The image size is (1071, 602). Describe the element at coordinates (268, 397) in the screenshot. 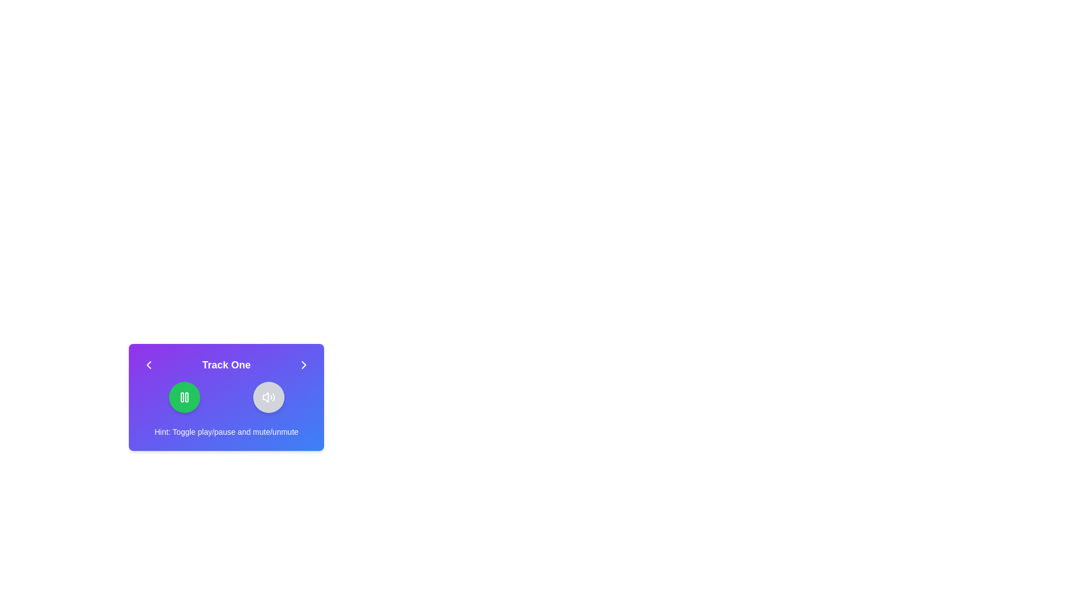

I see `the speaker icon with sound waves, which is centrally placed inside a circular button with a gray background` at that location.